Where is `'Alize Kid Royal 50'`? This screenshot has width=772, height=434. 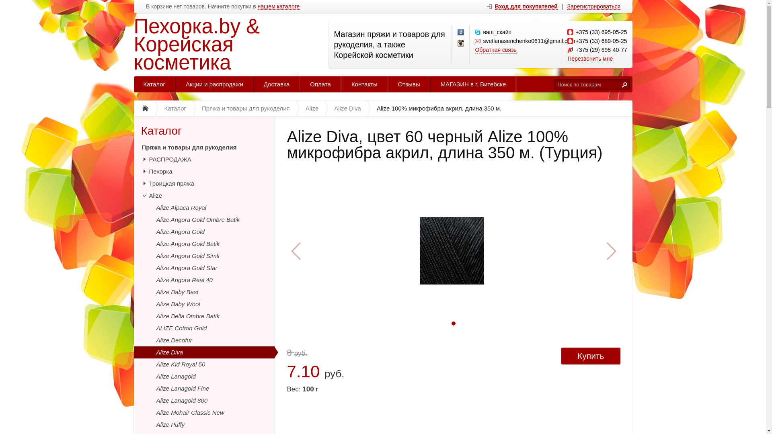
'Alize Kid Royal 50' is located at coordinates (204, 364).